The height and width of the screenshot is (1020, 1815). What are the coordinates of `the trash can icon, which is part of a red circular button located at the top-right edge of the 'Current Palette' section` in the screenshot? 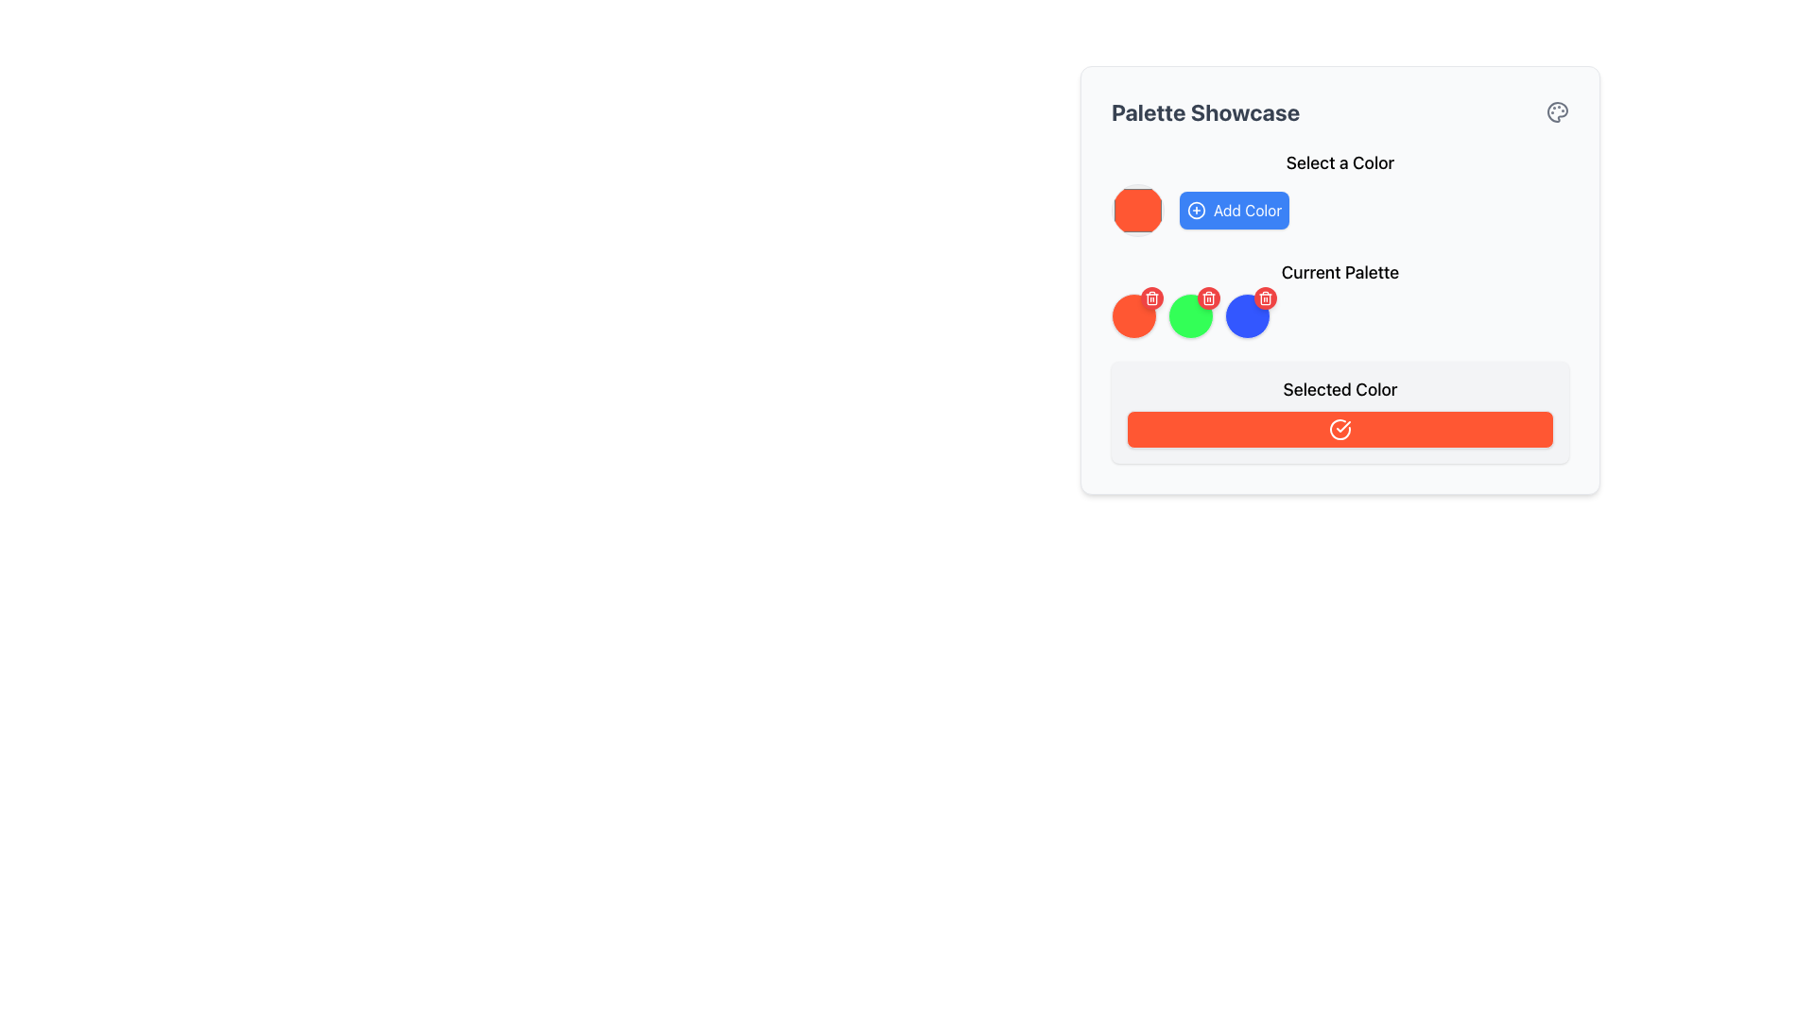 It's located at (1266, 297).